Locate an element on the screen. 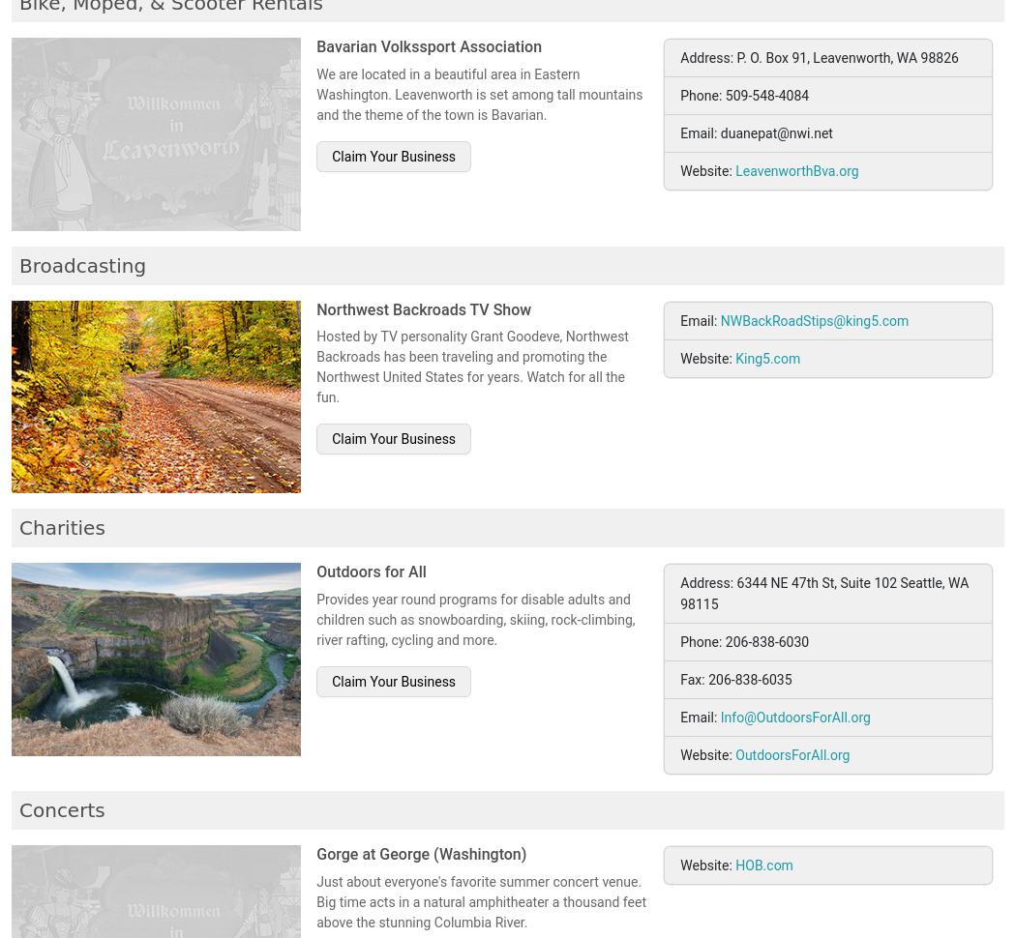  'Employment' is located at coordinates (454, 63).